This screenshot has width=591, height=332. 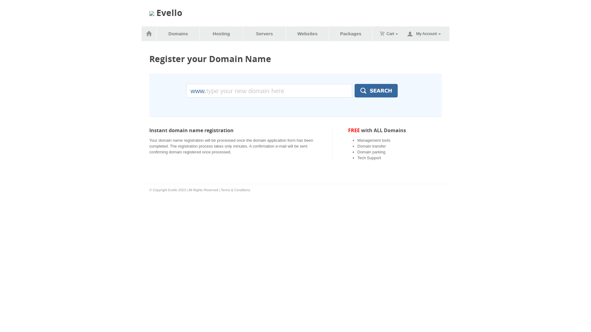 I want to click on 'Websites', so click(x=308, y=34).